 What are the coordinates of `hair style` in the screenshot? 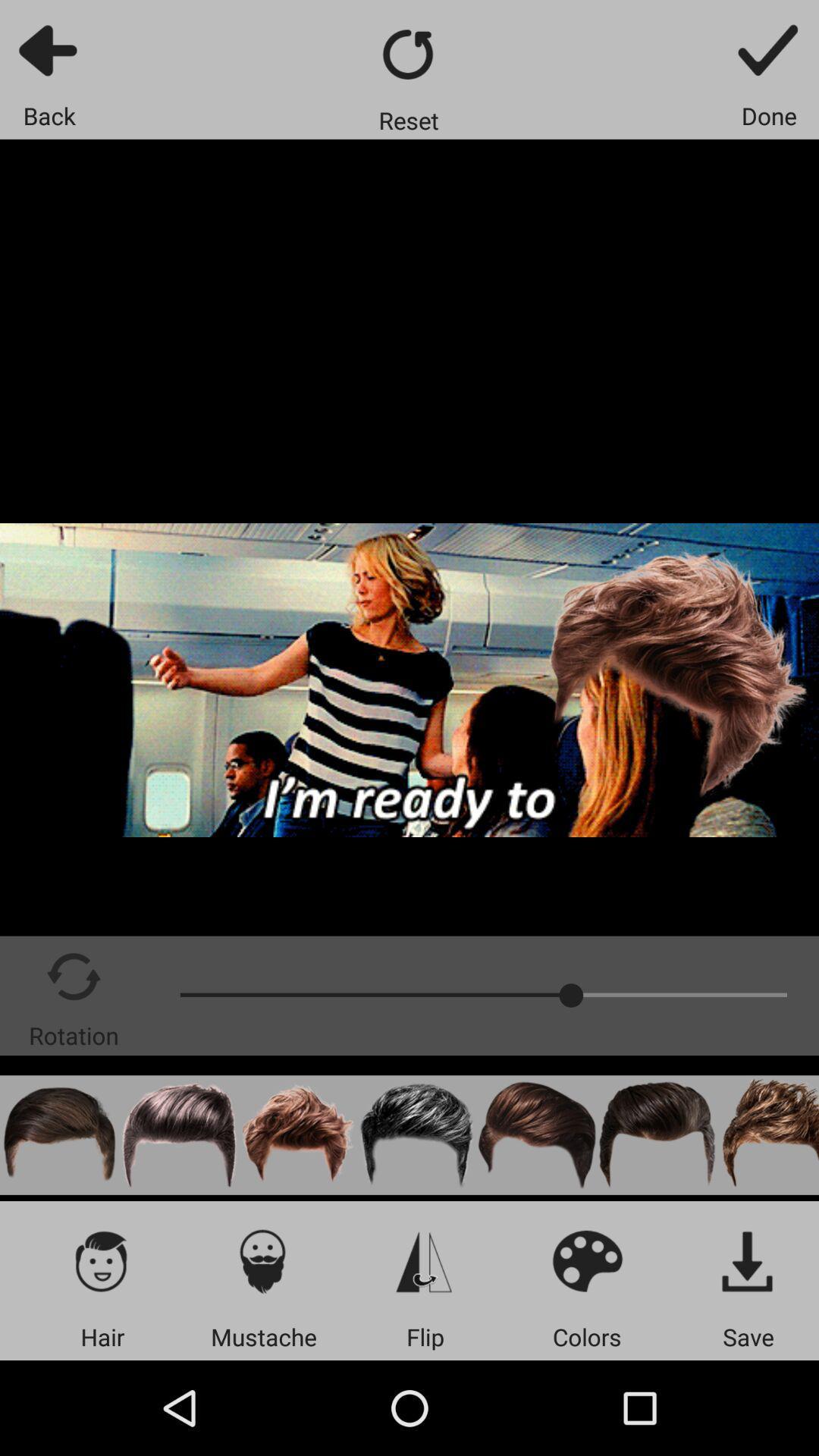 It's located at (656, 1135).